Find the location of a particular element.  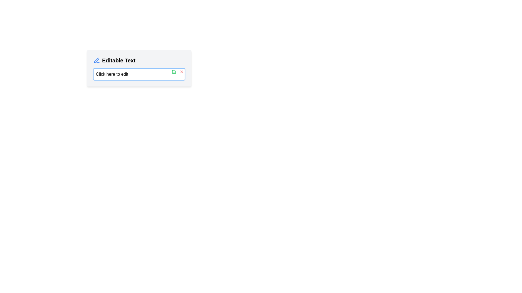

the close or delete button located to the right of the 'Editable Text' input field is located at coordinates (181, 72).